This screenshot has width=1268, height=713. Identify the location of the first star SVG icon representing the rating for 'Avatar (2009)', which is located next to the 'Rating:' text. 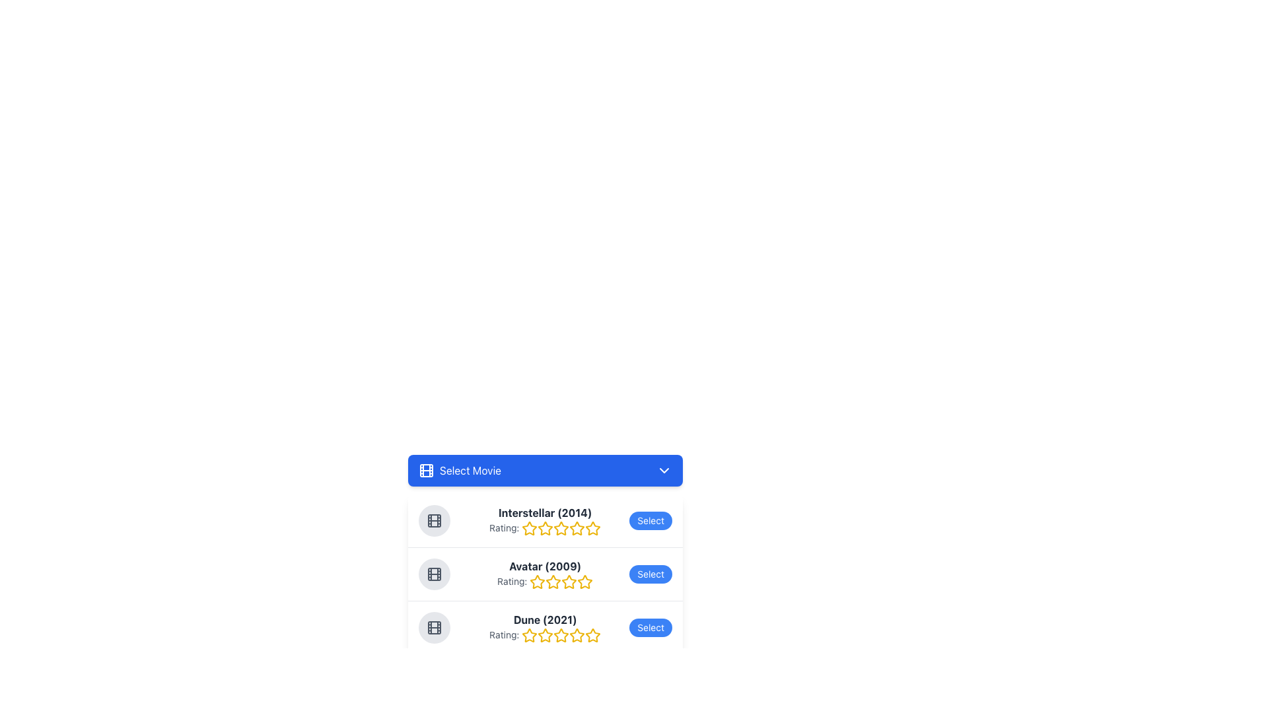
(538, 582).